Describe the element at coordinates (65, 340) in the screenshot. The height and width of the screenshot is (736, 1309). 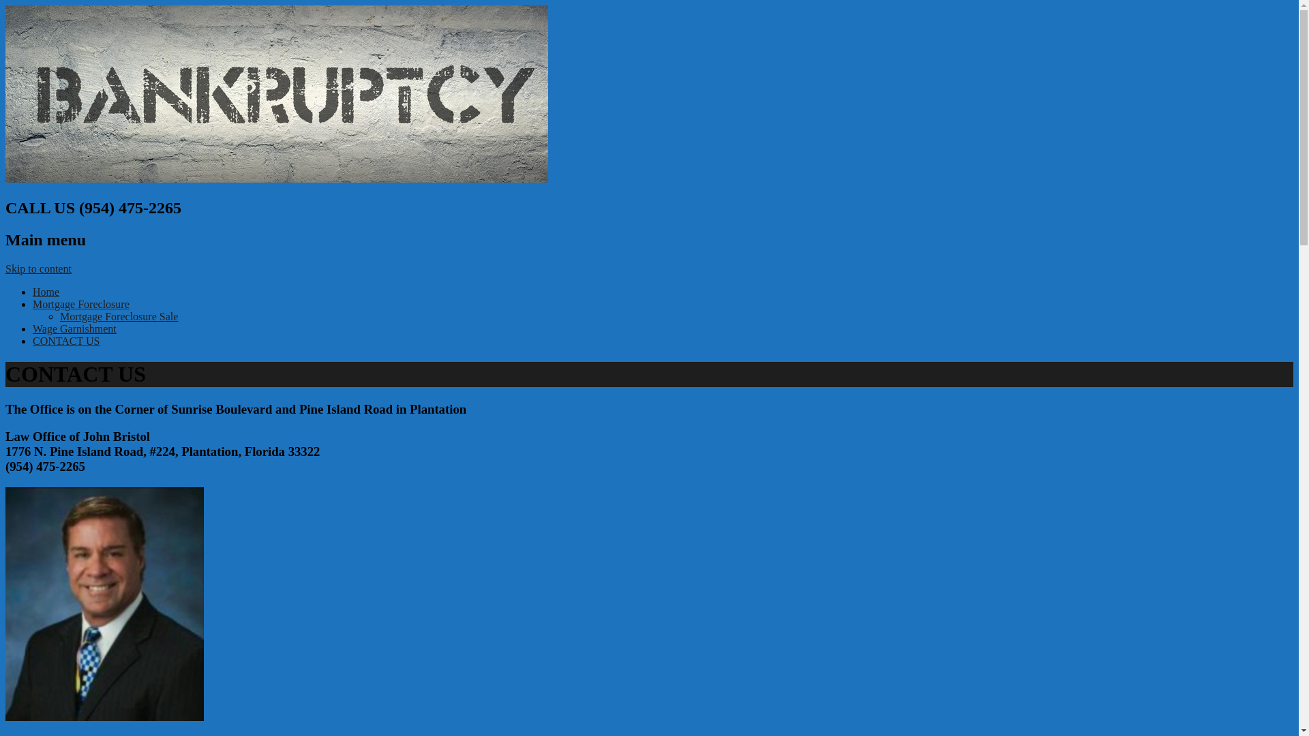
I see `'CONTACT US'` at that location.